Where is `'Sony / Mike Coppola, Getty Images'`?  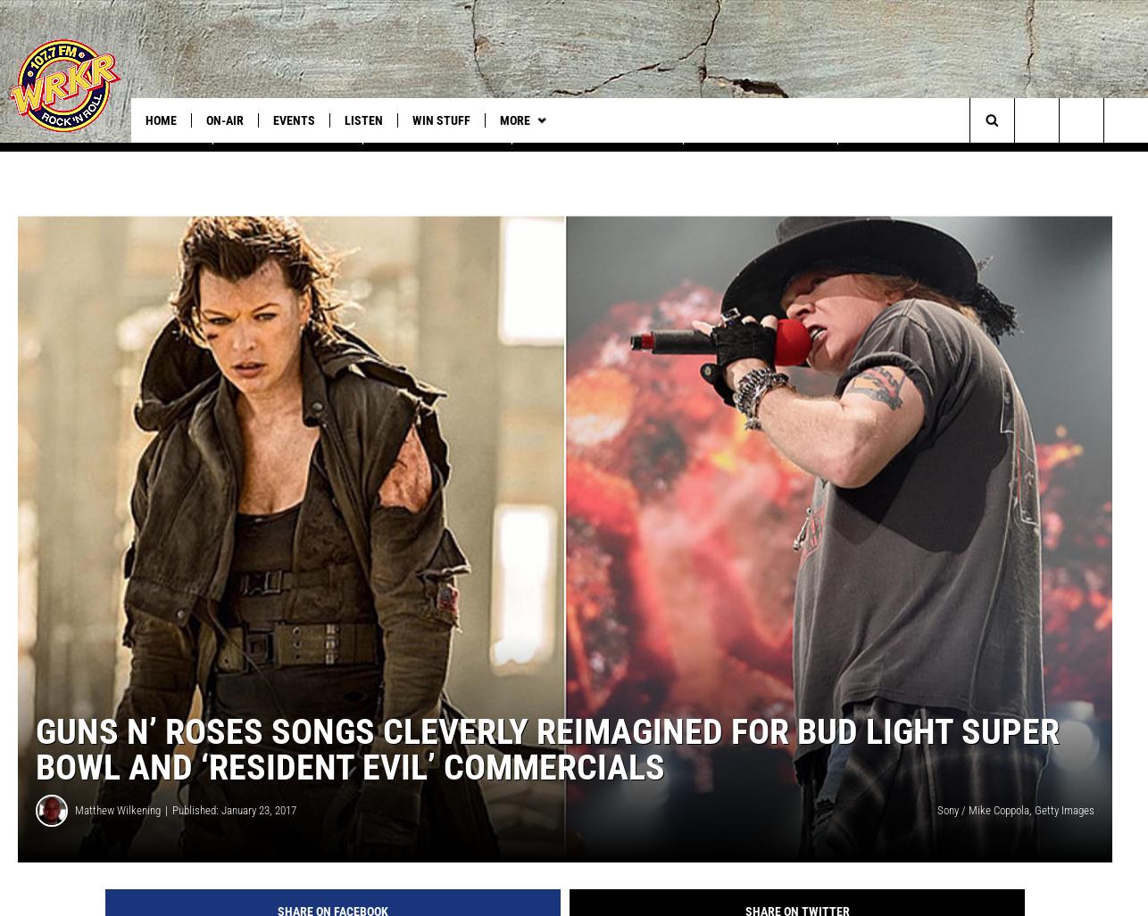
'Sony / Mike Coppola, Getty Images' is located at coordinates (1014, 829).